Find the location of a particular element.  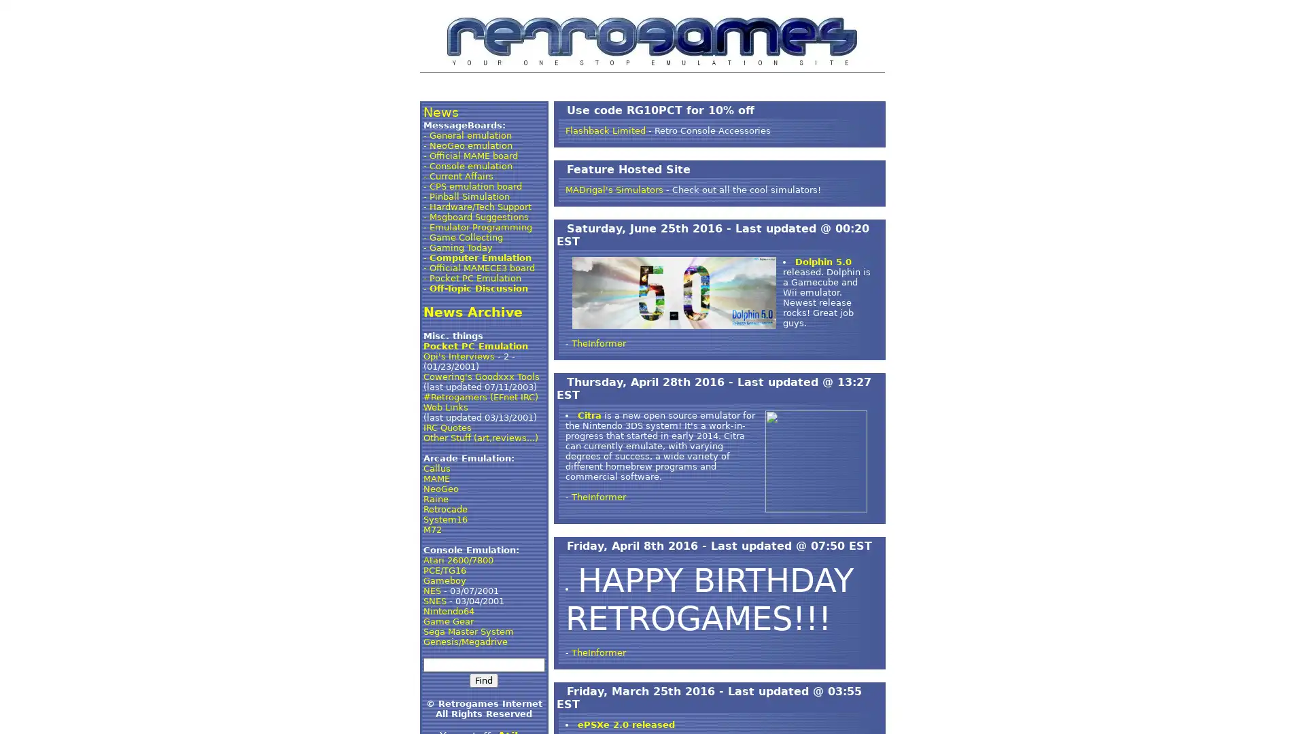

Find is located at coordinates (483, 680).